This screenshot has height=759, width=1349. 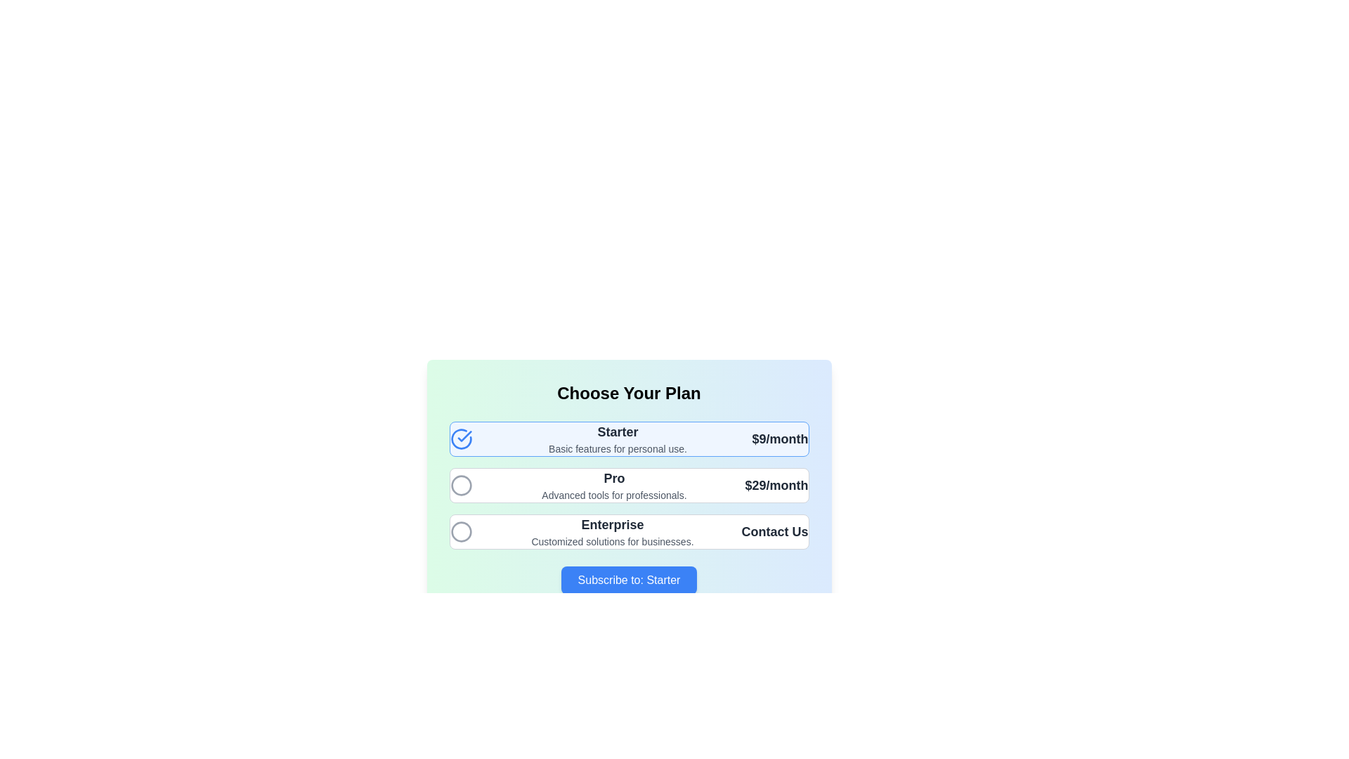 I want to click on the circular checkbox with a blue outline and a centered checkmark, so click(x=461, y=438).